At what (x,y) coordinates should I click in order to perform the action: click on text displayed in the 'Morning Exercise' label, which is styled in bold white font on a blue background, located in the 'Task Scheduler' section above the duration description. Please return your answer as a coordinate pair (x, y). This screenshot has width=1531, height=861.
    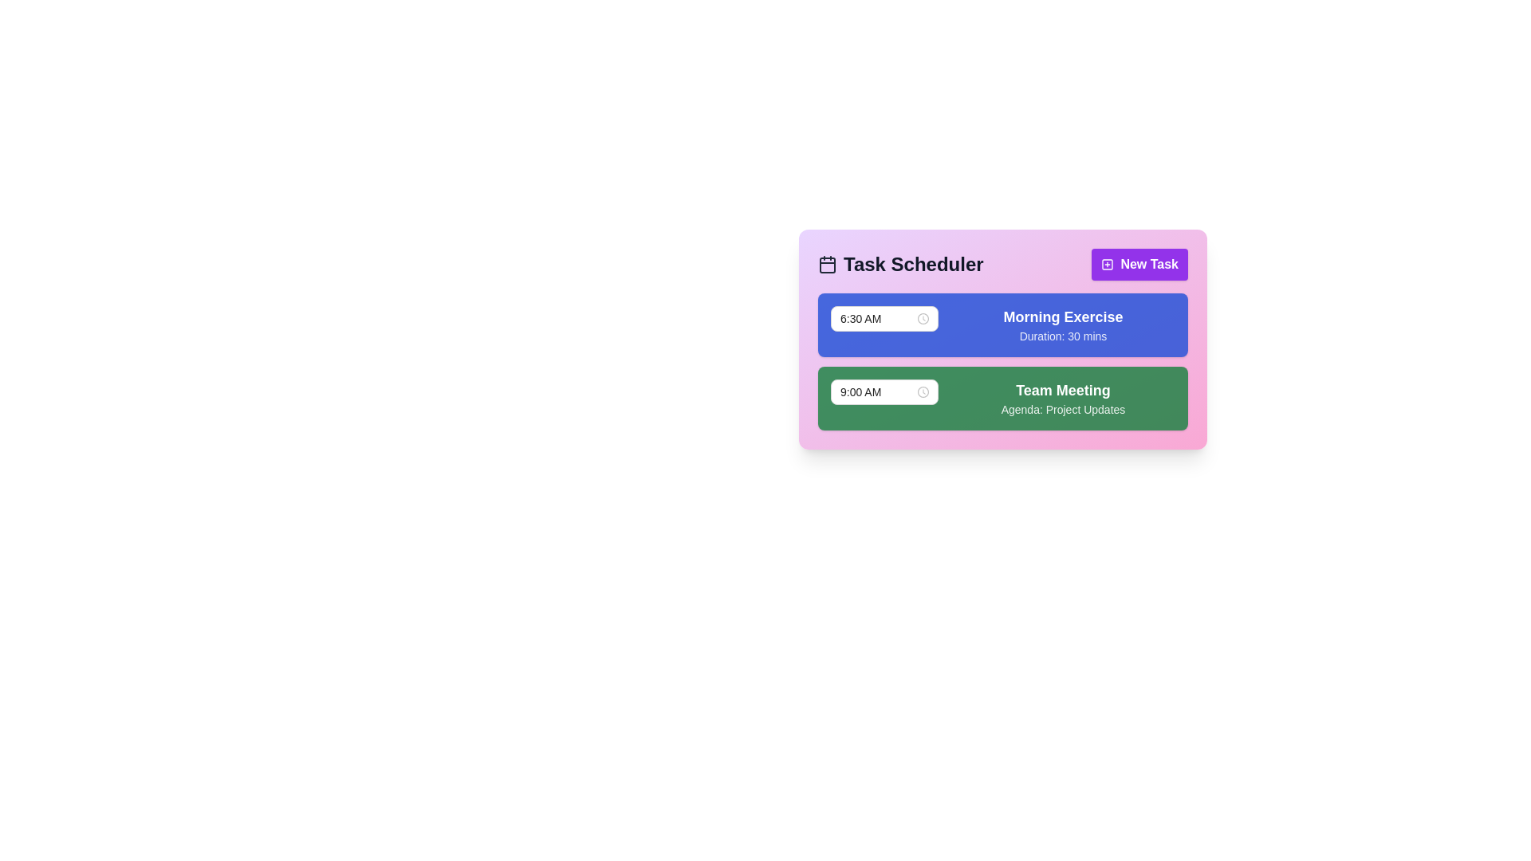
    Looking at the image, I should click on (1063, 316).